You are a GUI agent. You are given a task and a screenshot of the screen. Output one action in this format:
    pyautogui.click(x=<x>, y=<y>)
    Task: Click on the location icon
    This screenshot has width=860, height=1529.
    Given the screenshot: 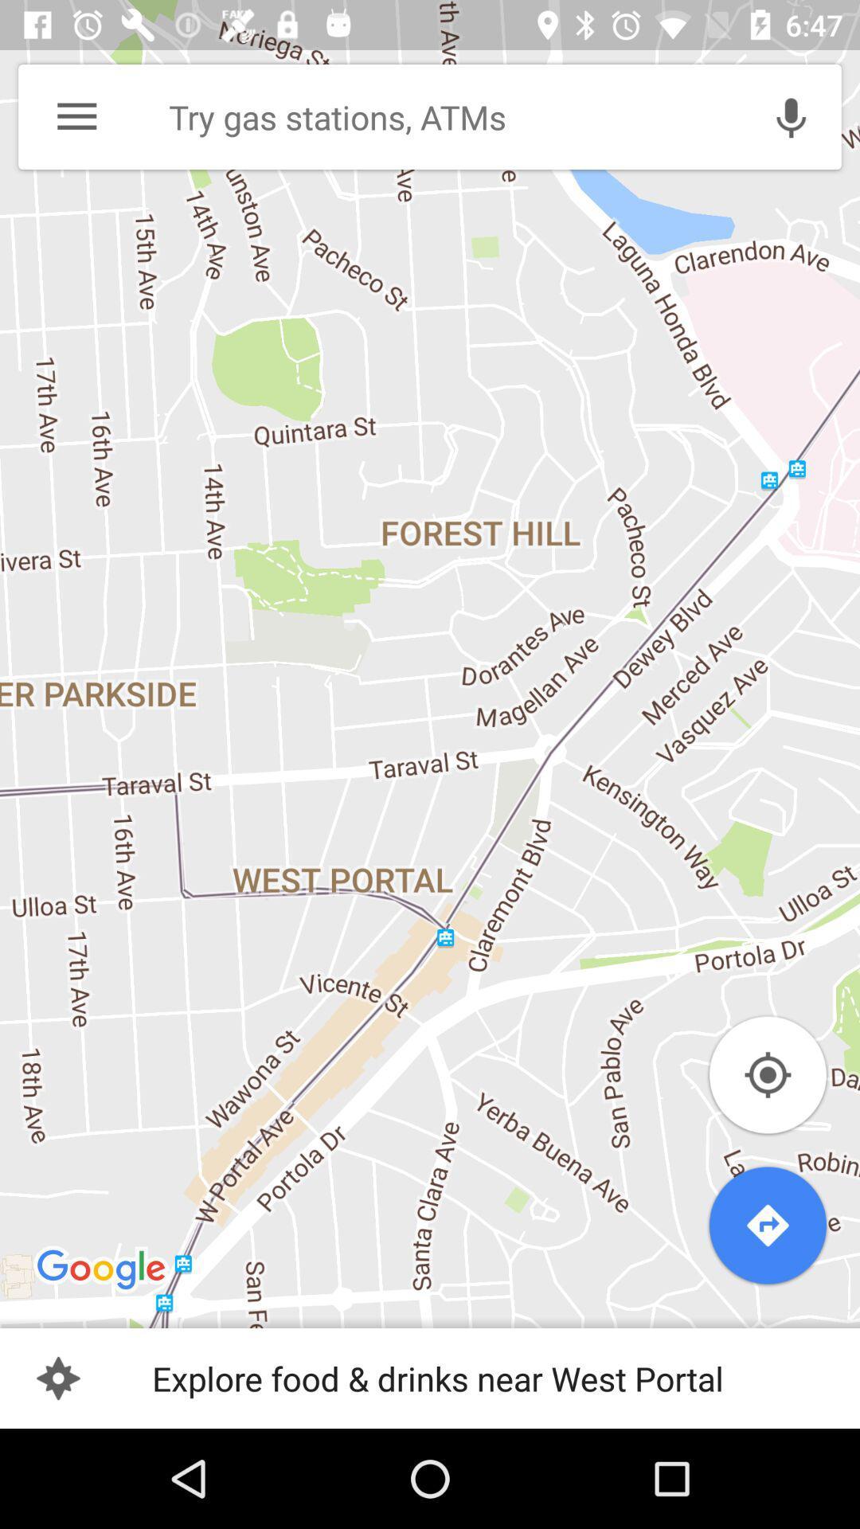 What is the action you would take?
    pyautogui.click(x=767, y=1074)
    